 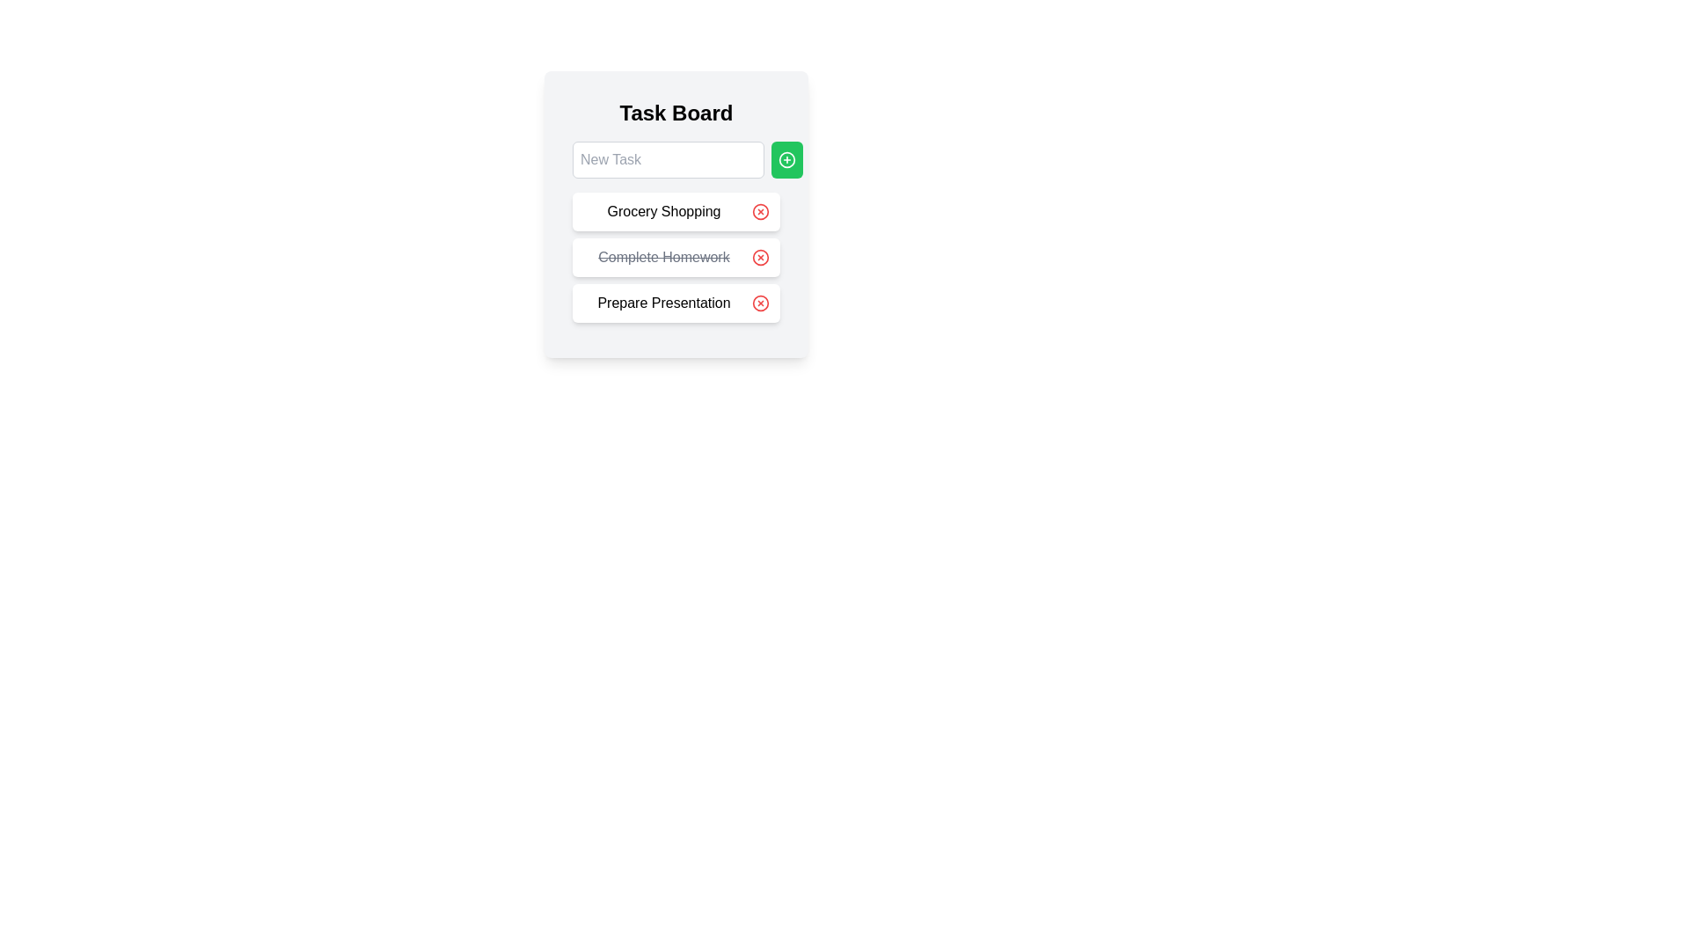 I want to click on the composite UI element that contains the text 'Prepare Presentation' and the red delete button with a white 'X', so click(x=675, y=302).